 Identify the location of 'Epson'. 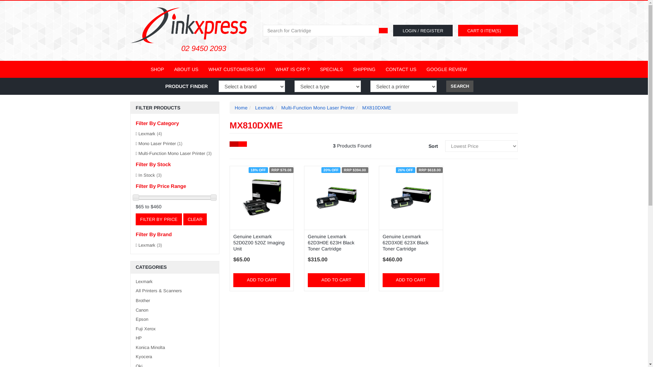
(131, 319).